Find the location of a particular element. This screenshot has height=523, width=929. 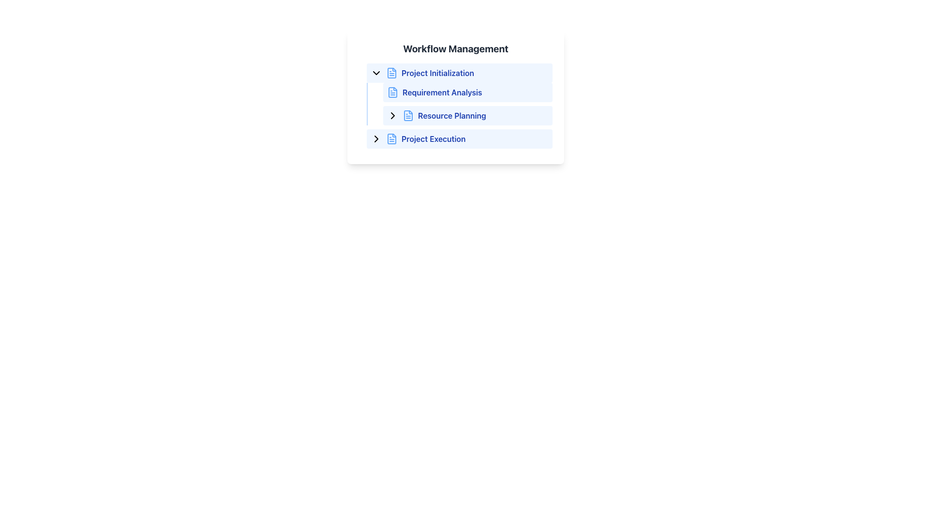

text label displaying 'Requirement Analysis' in bold, blue font, which is the second item in the workflow list under 'Workflow Management' is located at coordinates (442, 92).